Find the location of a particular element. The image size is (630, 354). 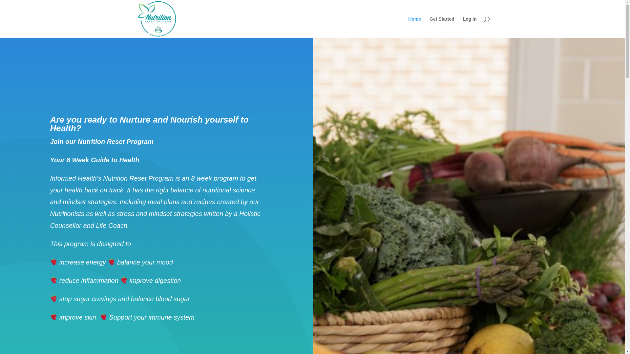

'Log In' is located at coordinates (469, 27).